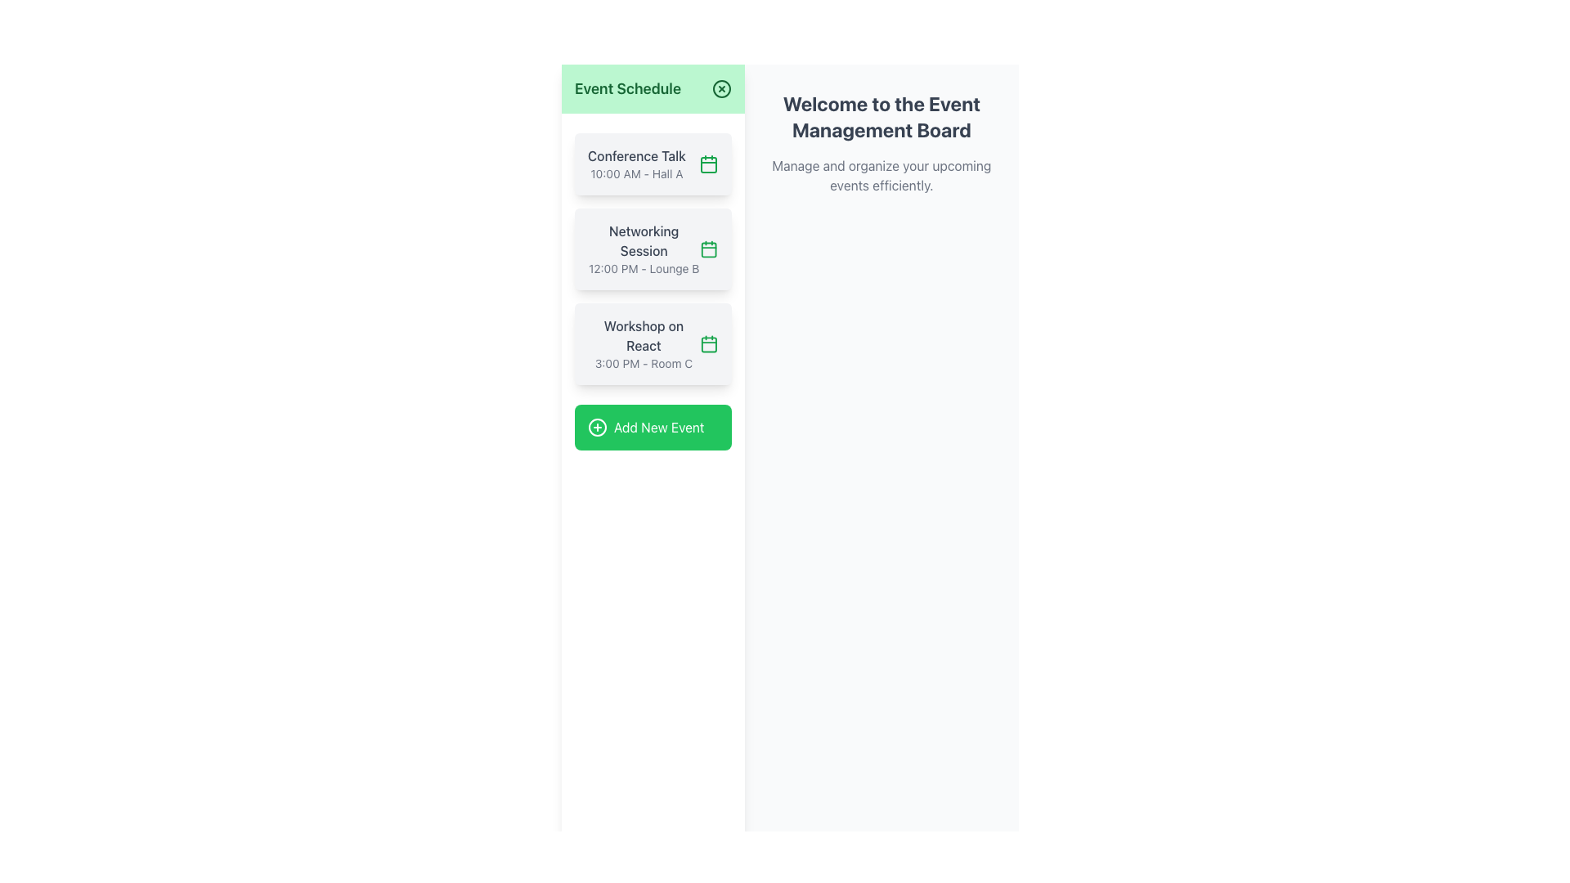  I want to click on the Text Label that serves as the title for the scheduled event 'Conference Talk', located above the time and location details, so click(635, 156).